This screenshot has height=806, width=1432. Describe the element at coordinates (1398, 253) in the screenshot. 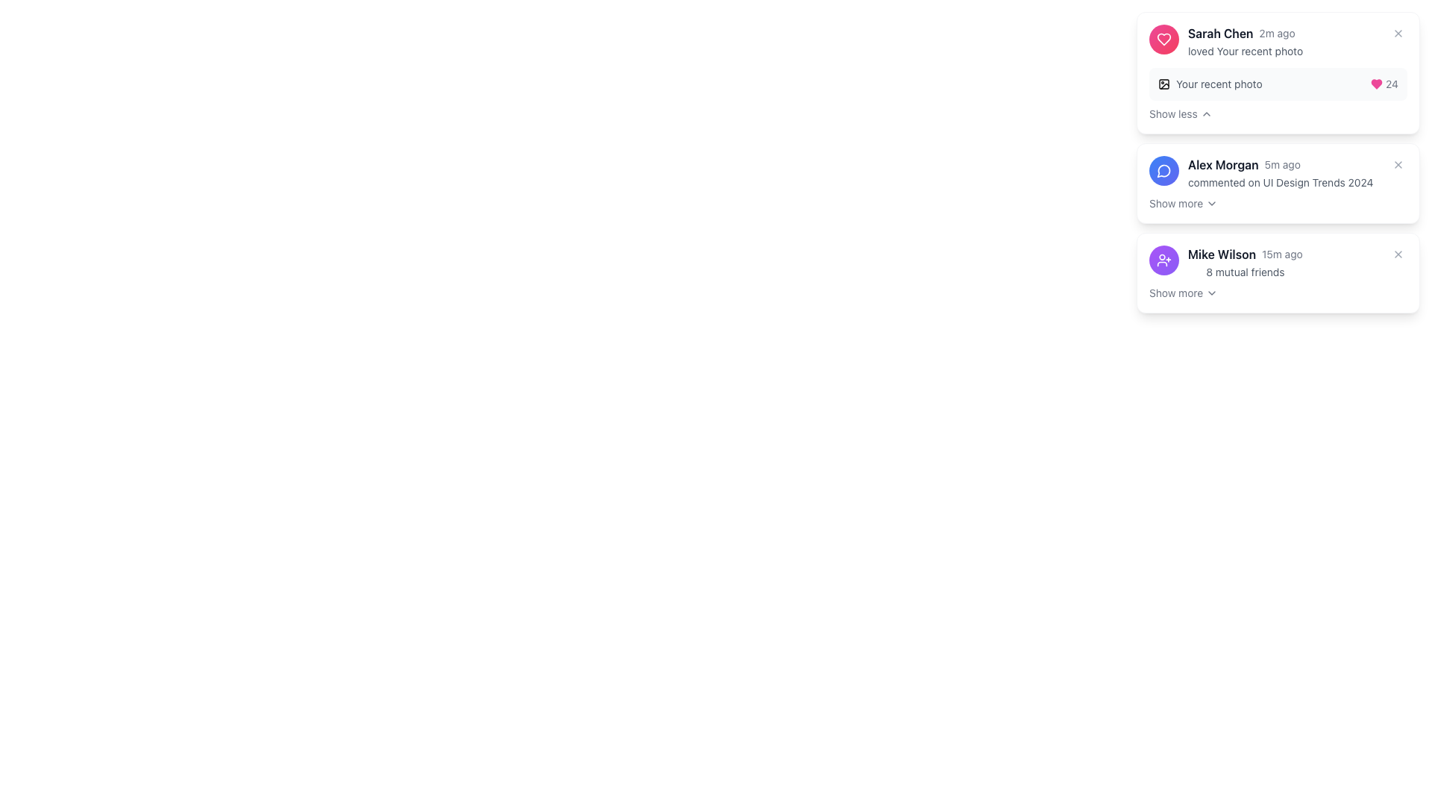

I see `the close button icon in the top-right corner of the notification card related to 'Mike Wilson'` at that location.